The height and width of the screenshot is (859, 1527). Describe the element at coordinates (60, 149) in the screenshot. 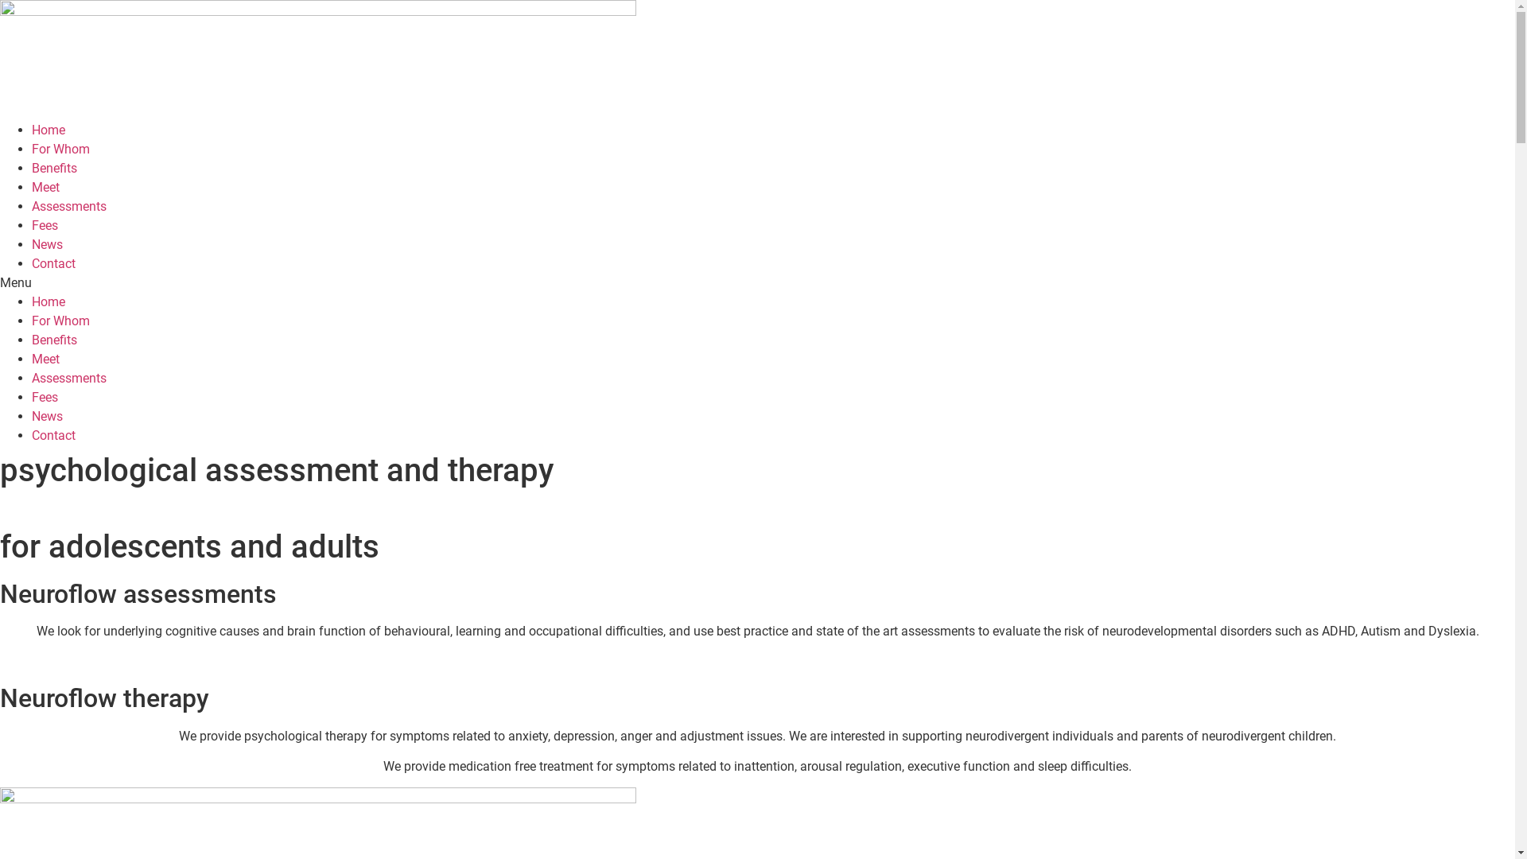

I see `'For Whom'` at that location.